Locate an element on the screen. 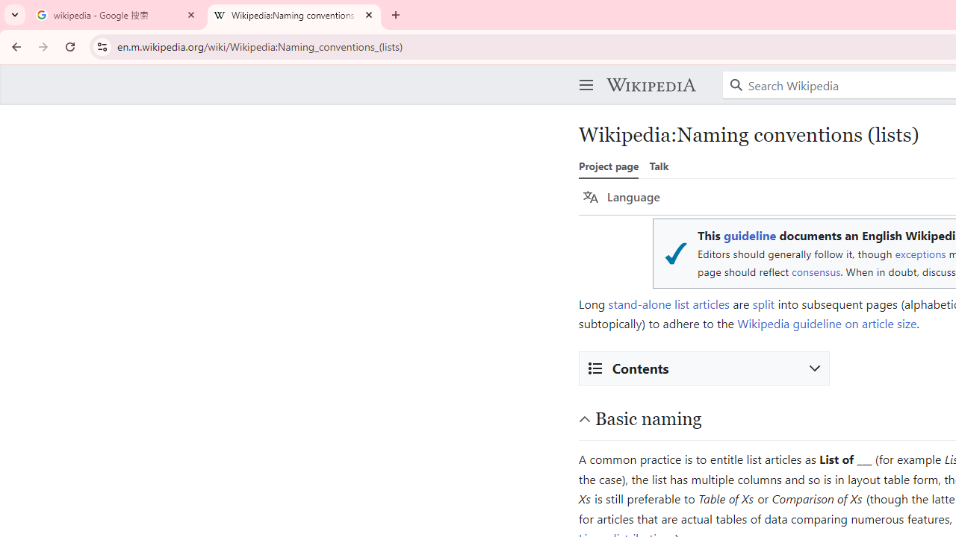 The height and width of the screenshot is (537, 956). 'exceptions' is located at coordinates (919, 253).